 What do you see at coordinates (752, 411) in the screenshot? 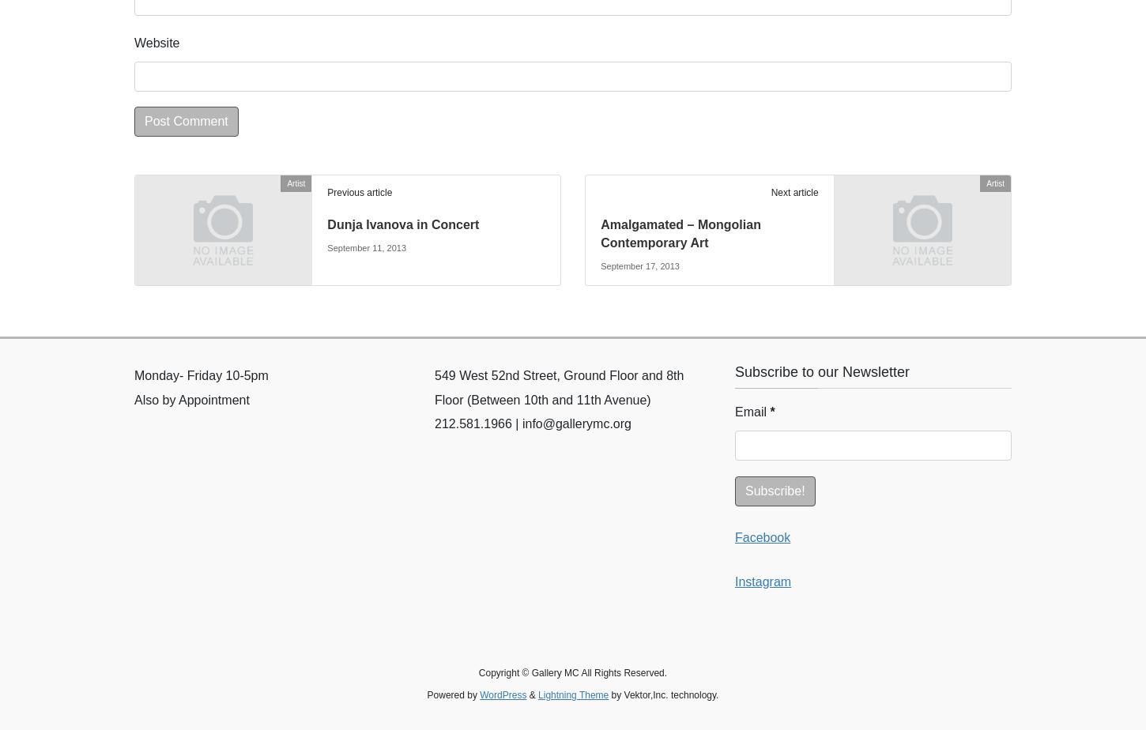
I see `'Email'` at bounding box center [752, 411].